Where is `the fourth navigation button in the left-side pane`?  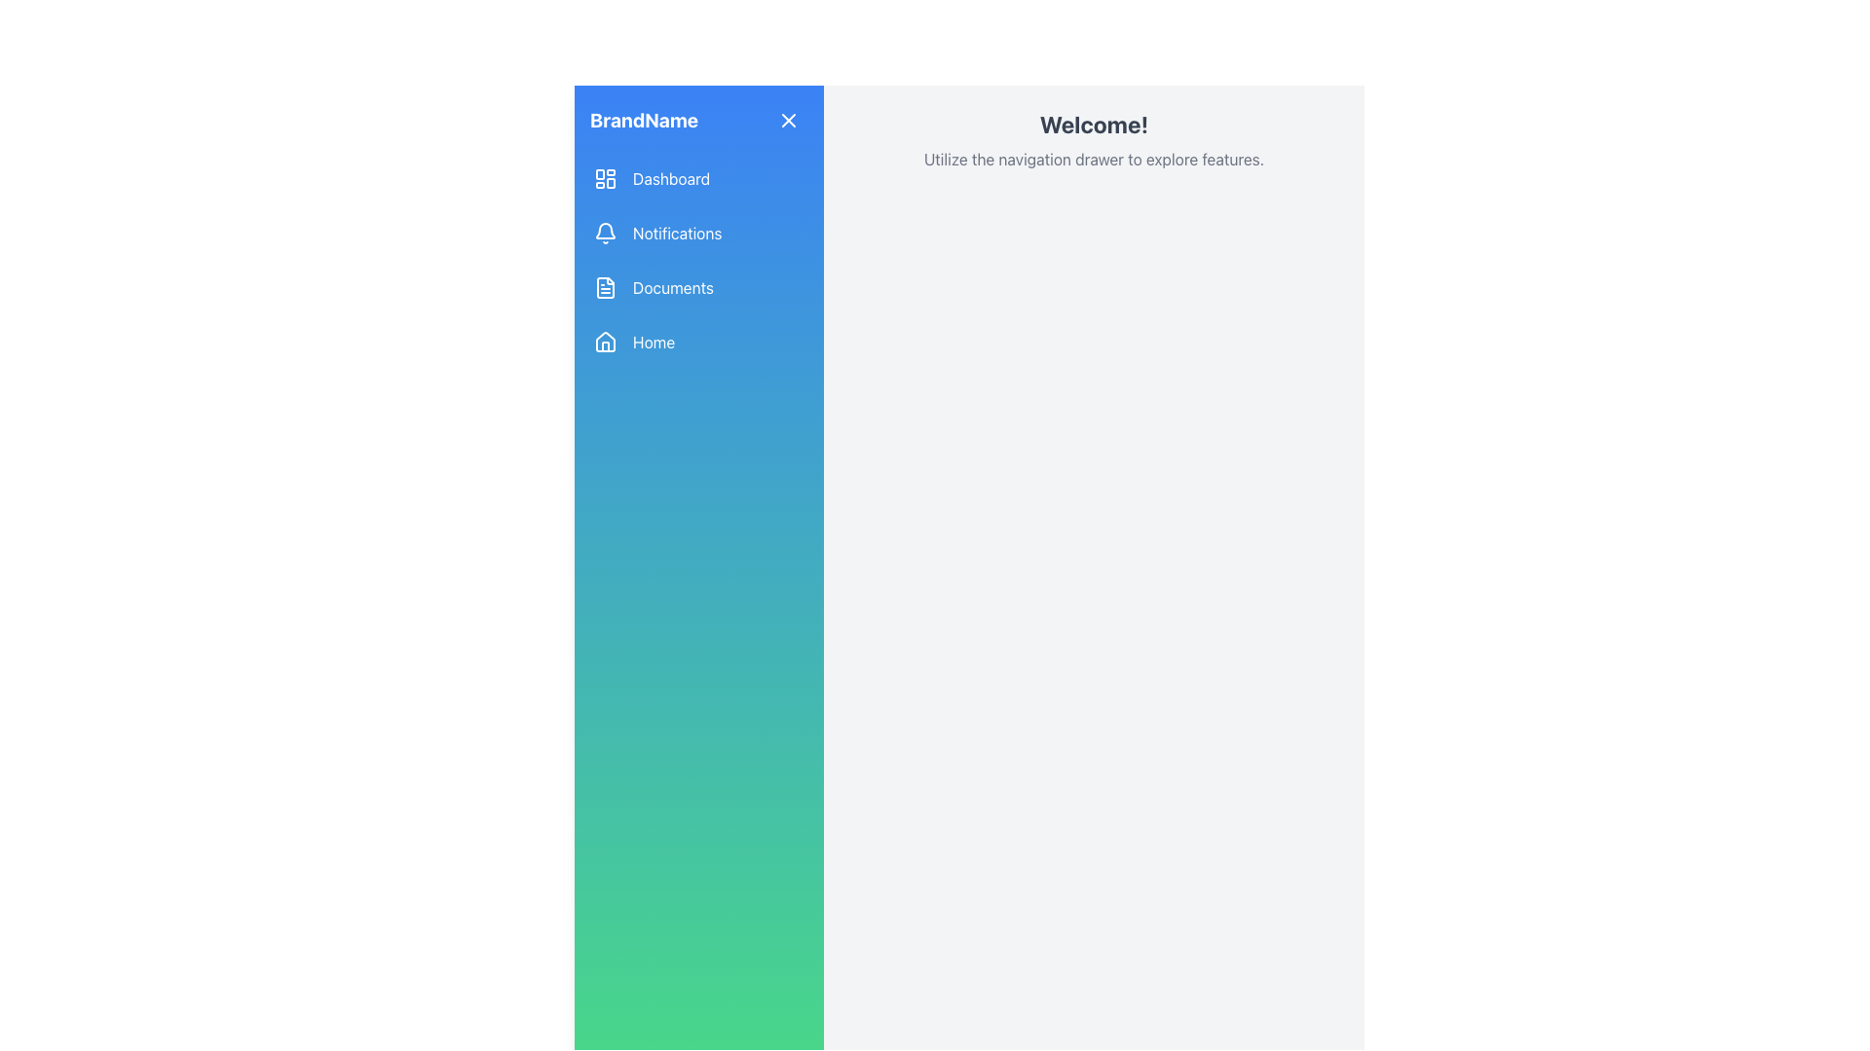
the fourth navigation button in the left-side pane is located at coordinates (634, 341).